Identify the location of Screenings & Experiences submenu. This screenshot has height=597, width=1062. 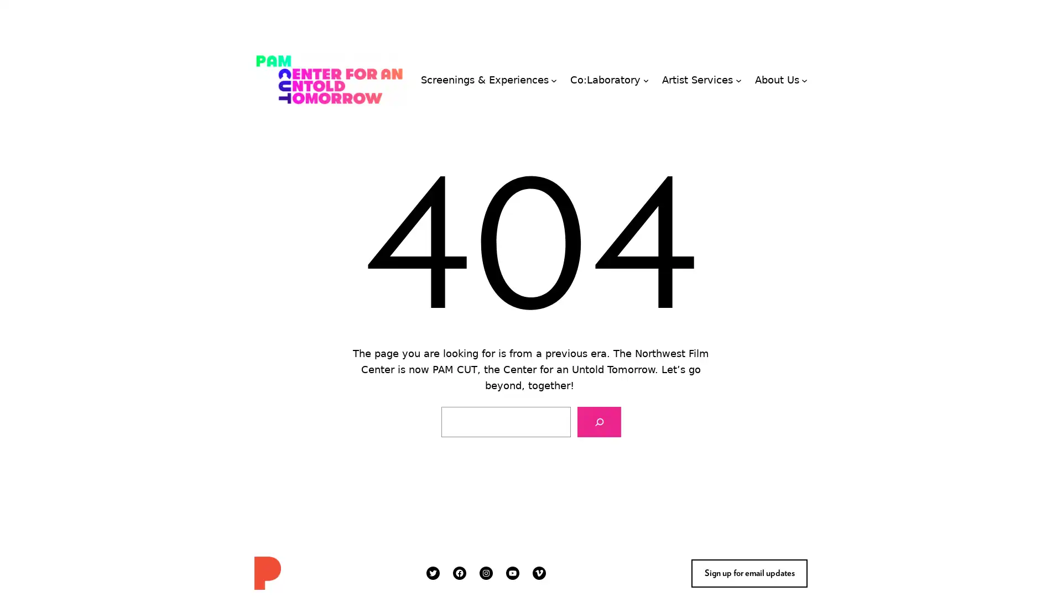
(554, 79).